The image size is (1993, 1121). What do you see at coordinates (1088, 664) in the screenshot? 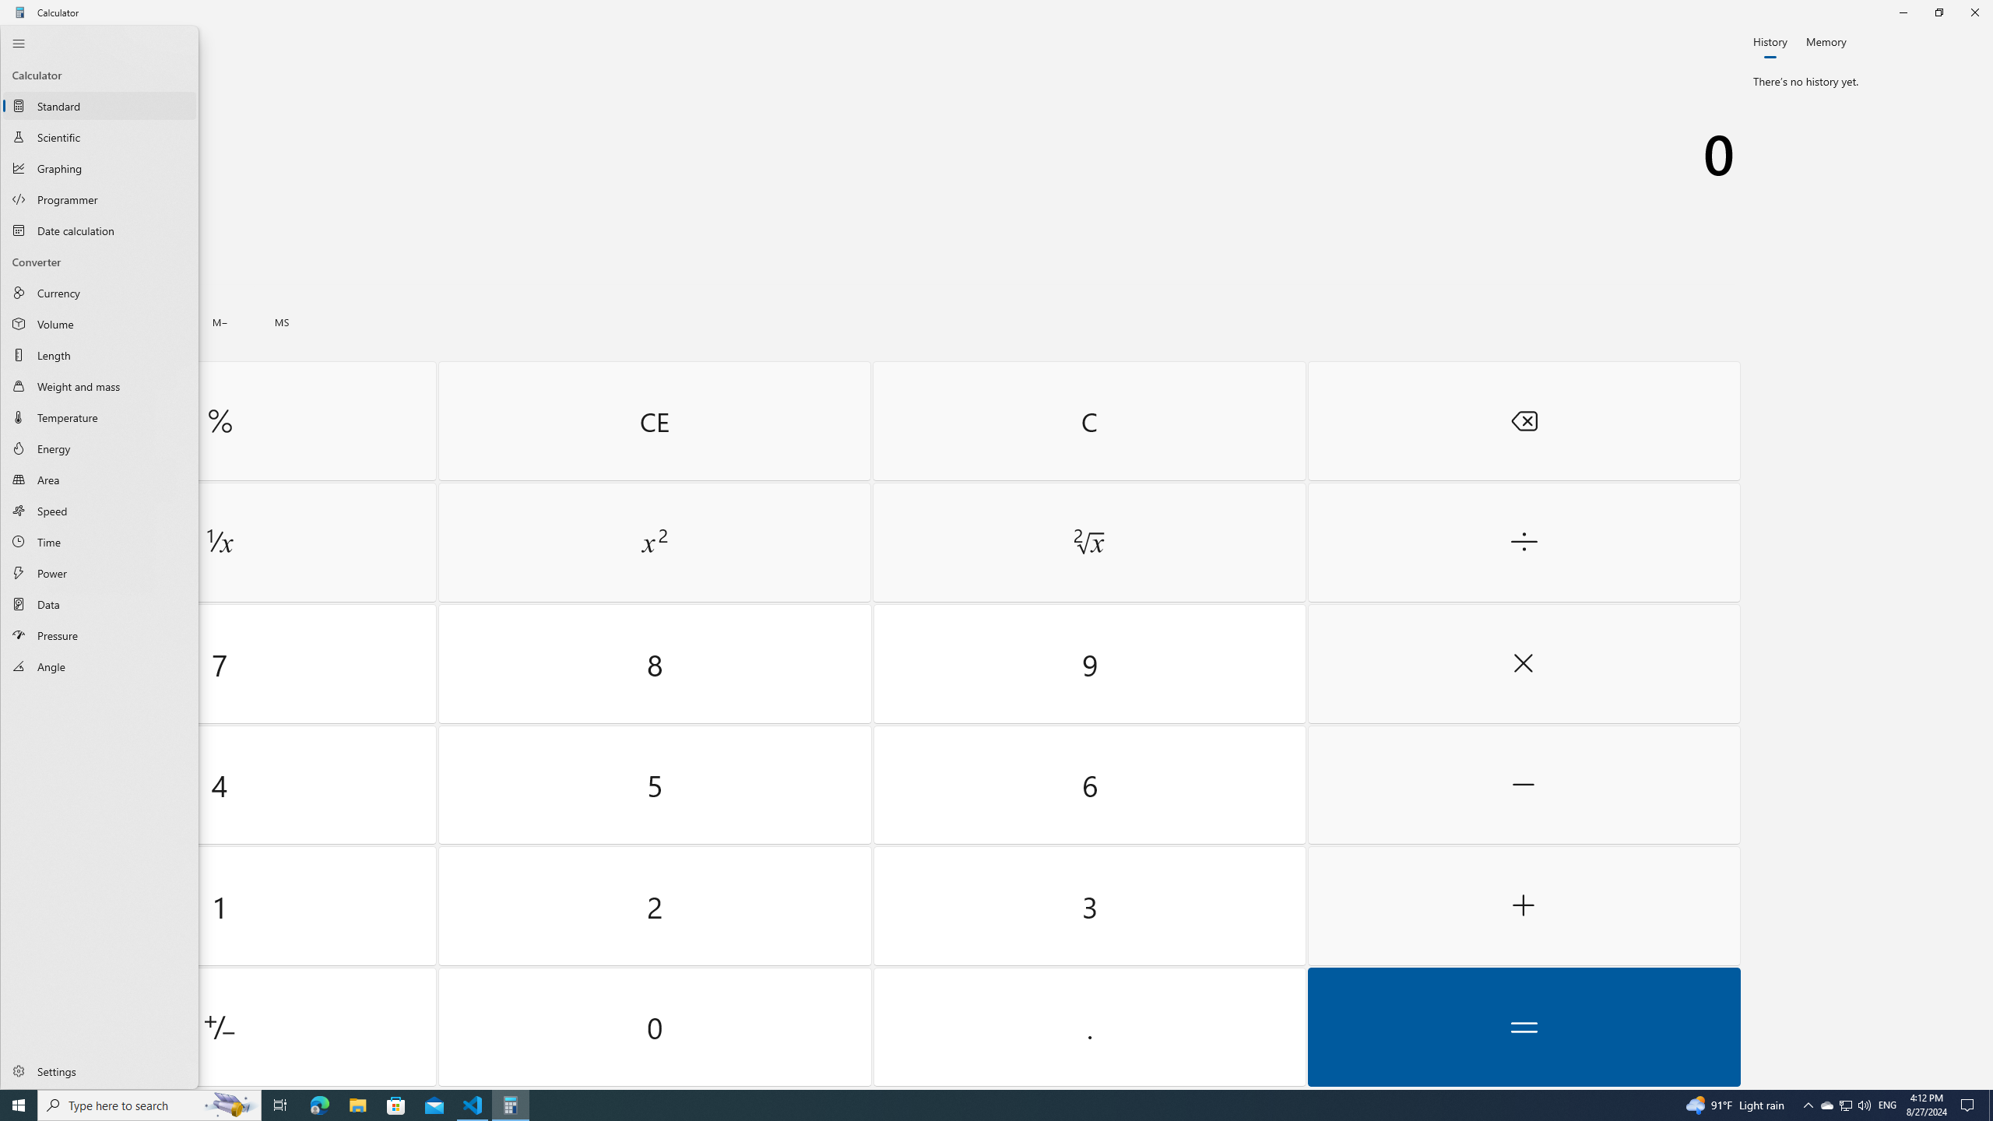
I see `'Nine'` at bounding box center [1088, 664].